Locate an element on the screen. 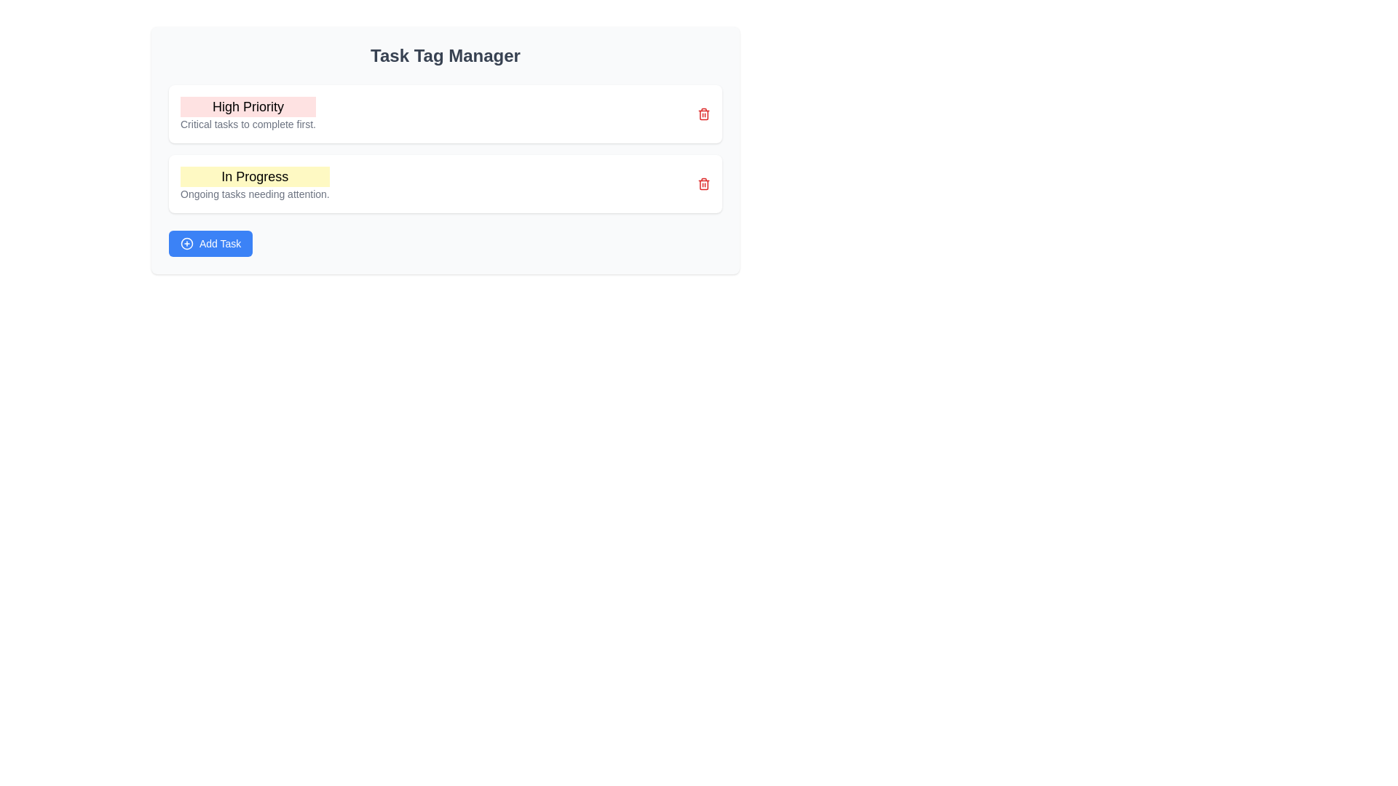 The height and width of the screenshot is (786, 1398). the circular '+' icon located inside the blue 'Add Task' button at the bottom left of the content area is located at coordinates (186, 243).